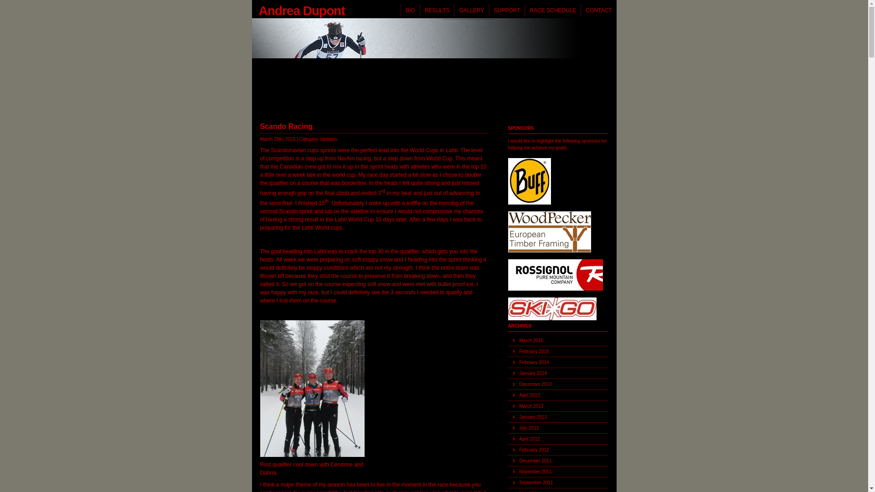 The width and height of the screenshot is (875, 492). I want to click on 'GALLERY', so click(471, 10).